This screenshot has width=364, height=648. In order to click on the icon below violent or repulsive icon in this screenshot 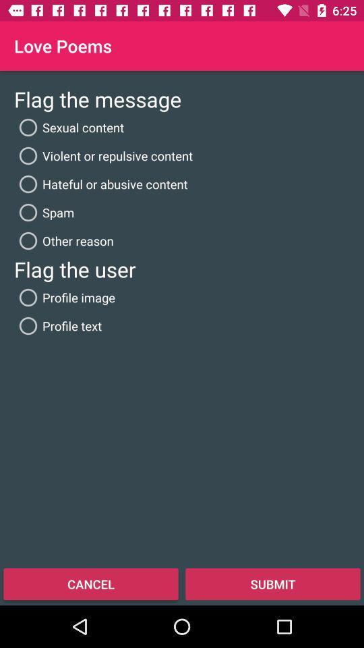, I will do `click(100, 184)`.